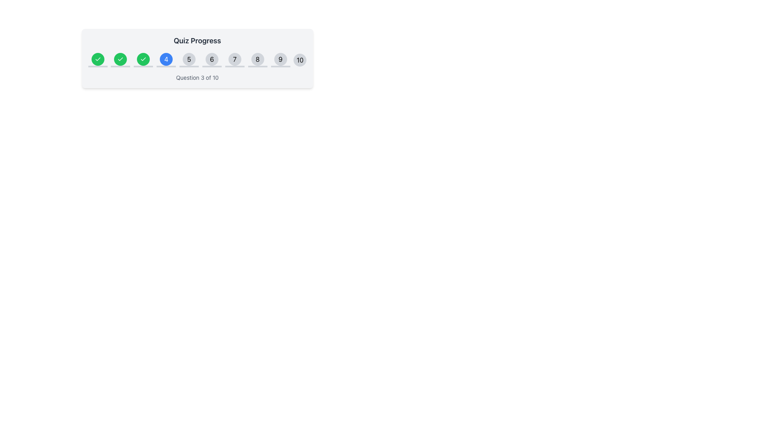 The height and width of the screenshot is (433, 771). What do you see at coordinates (212, 59) in the screenshot?
I see `the circular button labeled '6' with a light gray background` at bounding box center [212, 59].